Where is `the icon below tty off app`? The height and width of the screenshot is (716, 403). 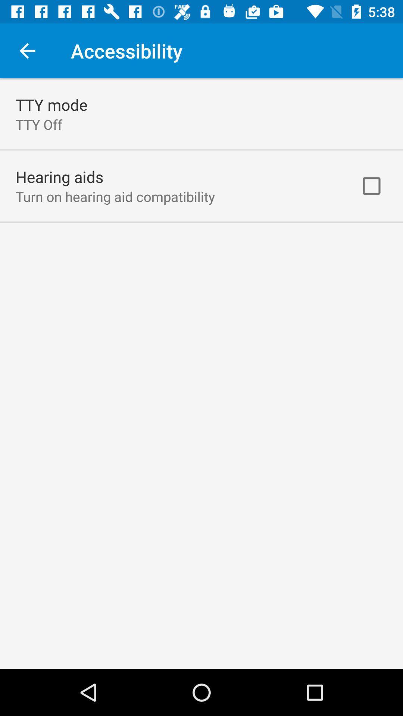
the icon below tty off app is located at coordinates (59, 176).